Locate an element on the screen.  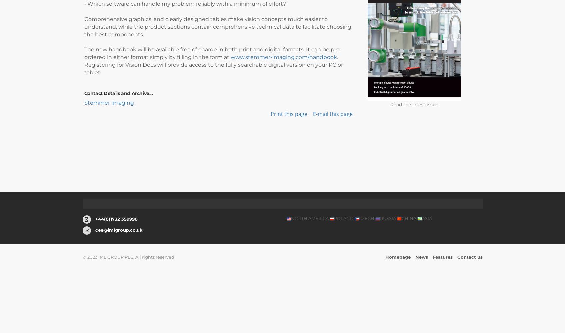
'|' is located at coordinates (310, 113).